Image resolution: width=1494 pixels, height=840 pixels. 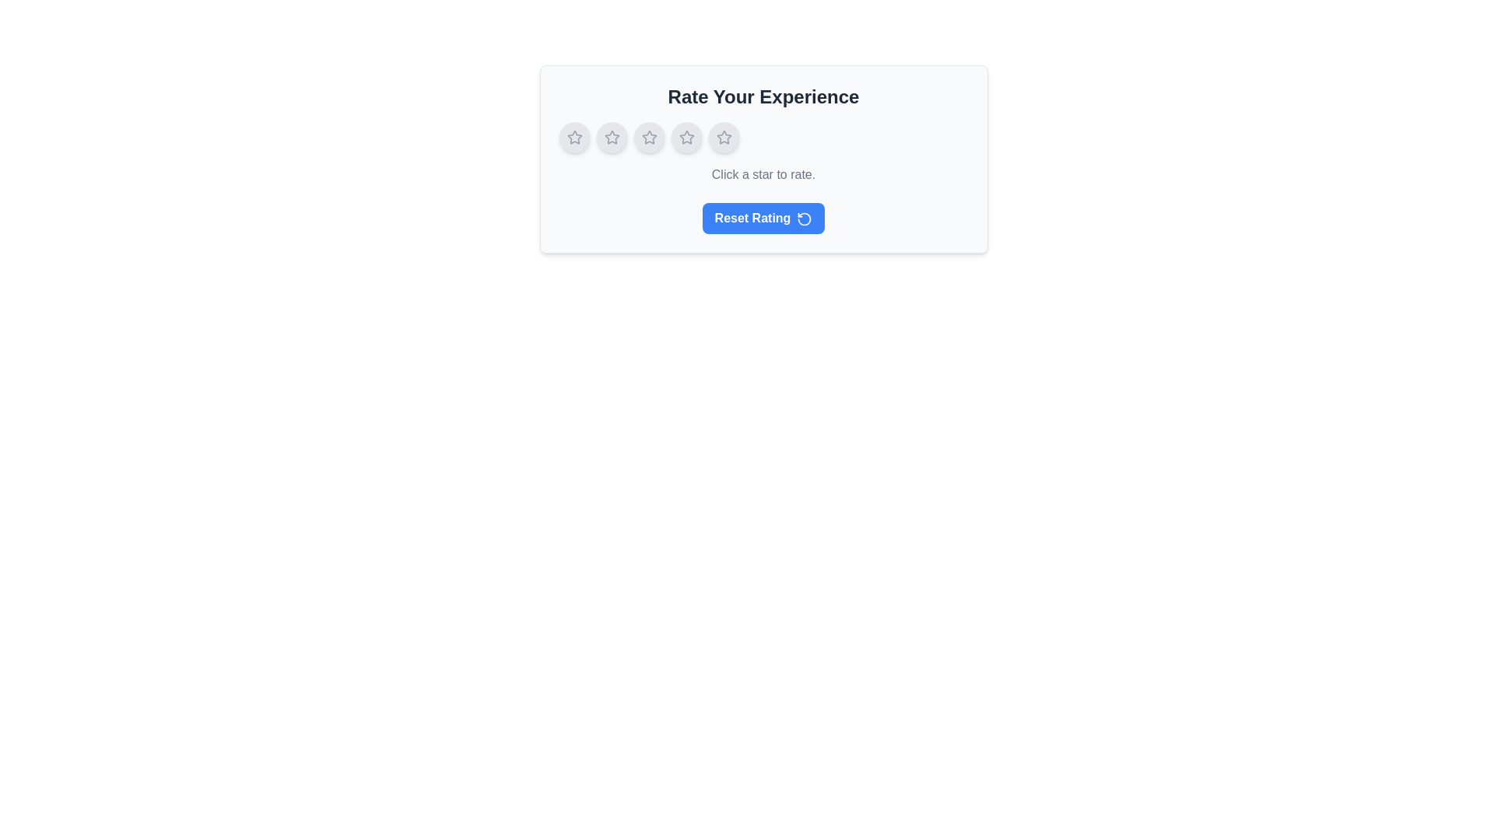 I want to click on the circular button with a light gray background and a star icon, which is the fourth item in the horizontal group below 'Rate Your Experience', so click(x=686, y=137).